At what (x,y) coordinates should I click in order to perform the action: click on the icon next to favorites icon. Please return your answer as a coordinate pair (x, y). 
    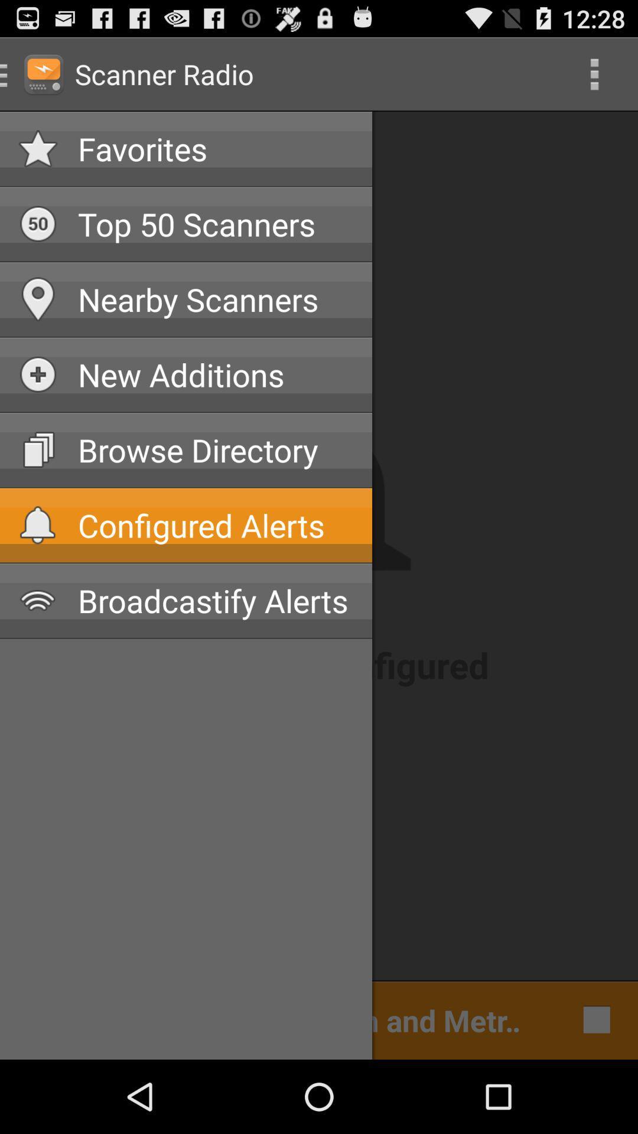
    Looking at the image, I should click on (594, 73).